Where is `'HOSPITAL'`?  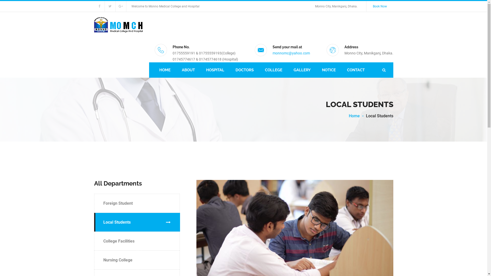
'HOSPITAL' is located at coordinates (215, 70).